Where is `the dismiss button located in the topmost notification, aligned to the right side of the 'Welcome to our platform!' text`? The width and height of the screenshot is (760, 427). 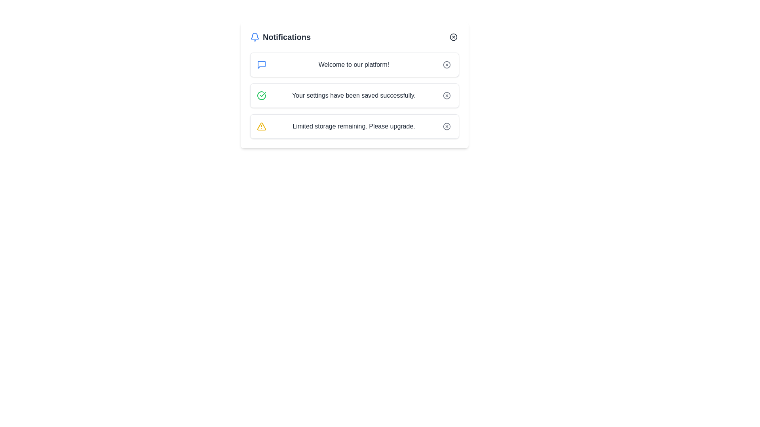 the dismiss button located in the topmost notification, aligned to the right side of the 'Welcome to our platform!' text is located at coordinates (446, 64).